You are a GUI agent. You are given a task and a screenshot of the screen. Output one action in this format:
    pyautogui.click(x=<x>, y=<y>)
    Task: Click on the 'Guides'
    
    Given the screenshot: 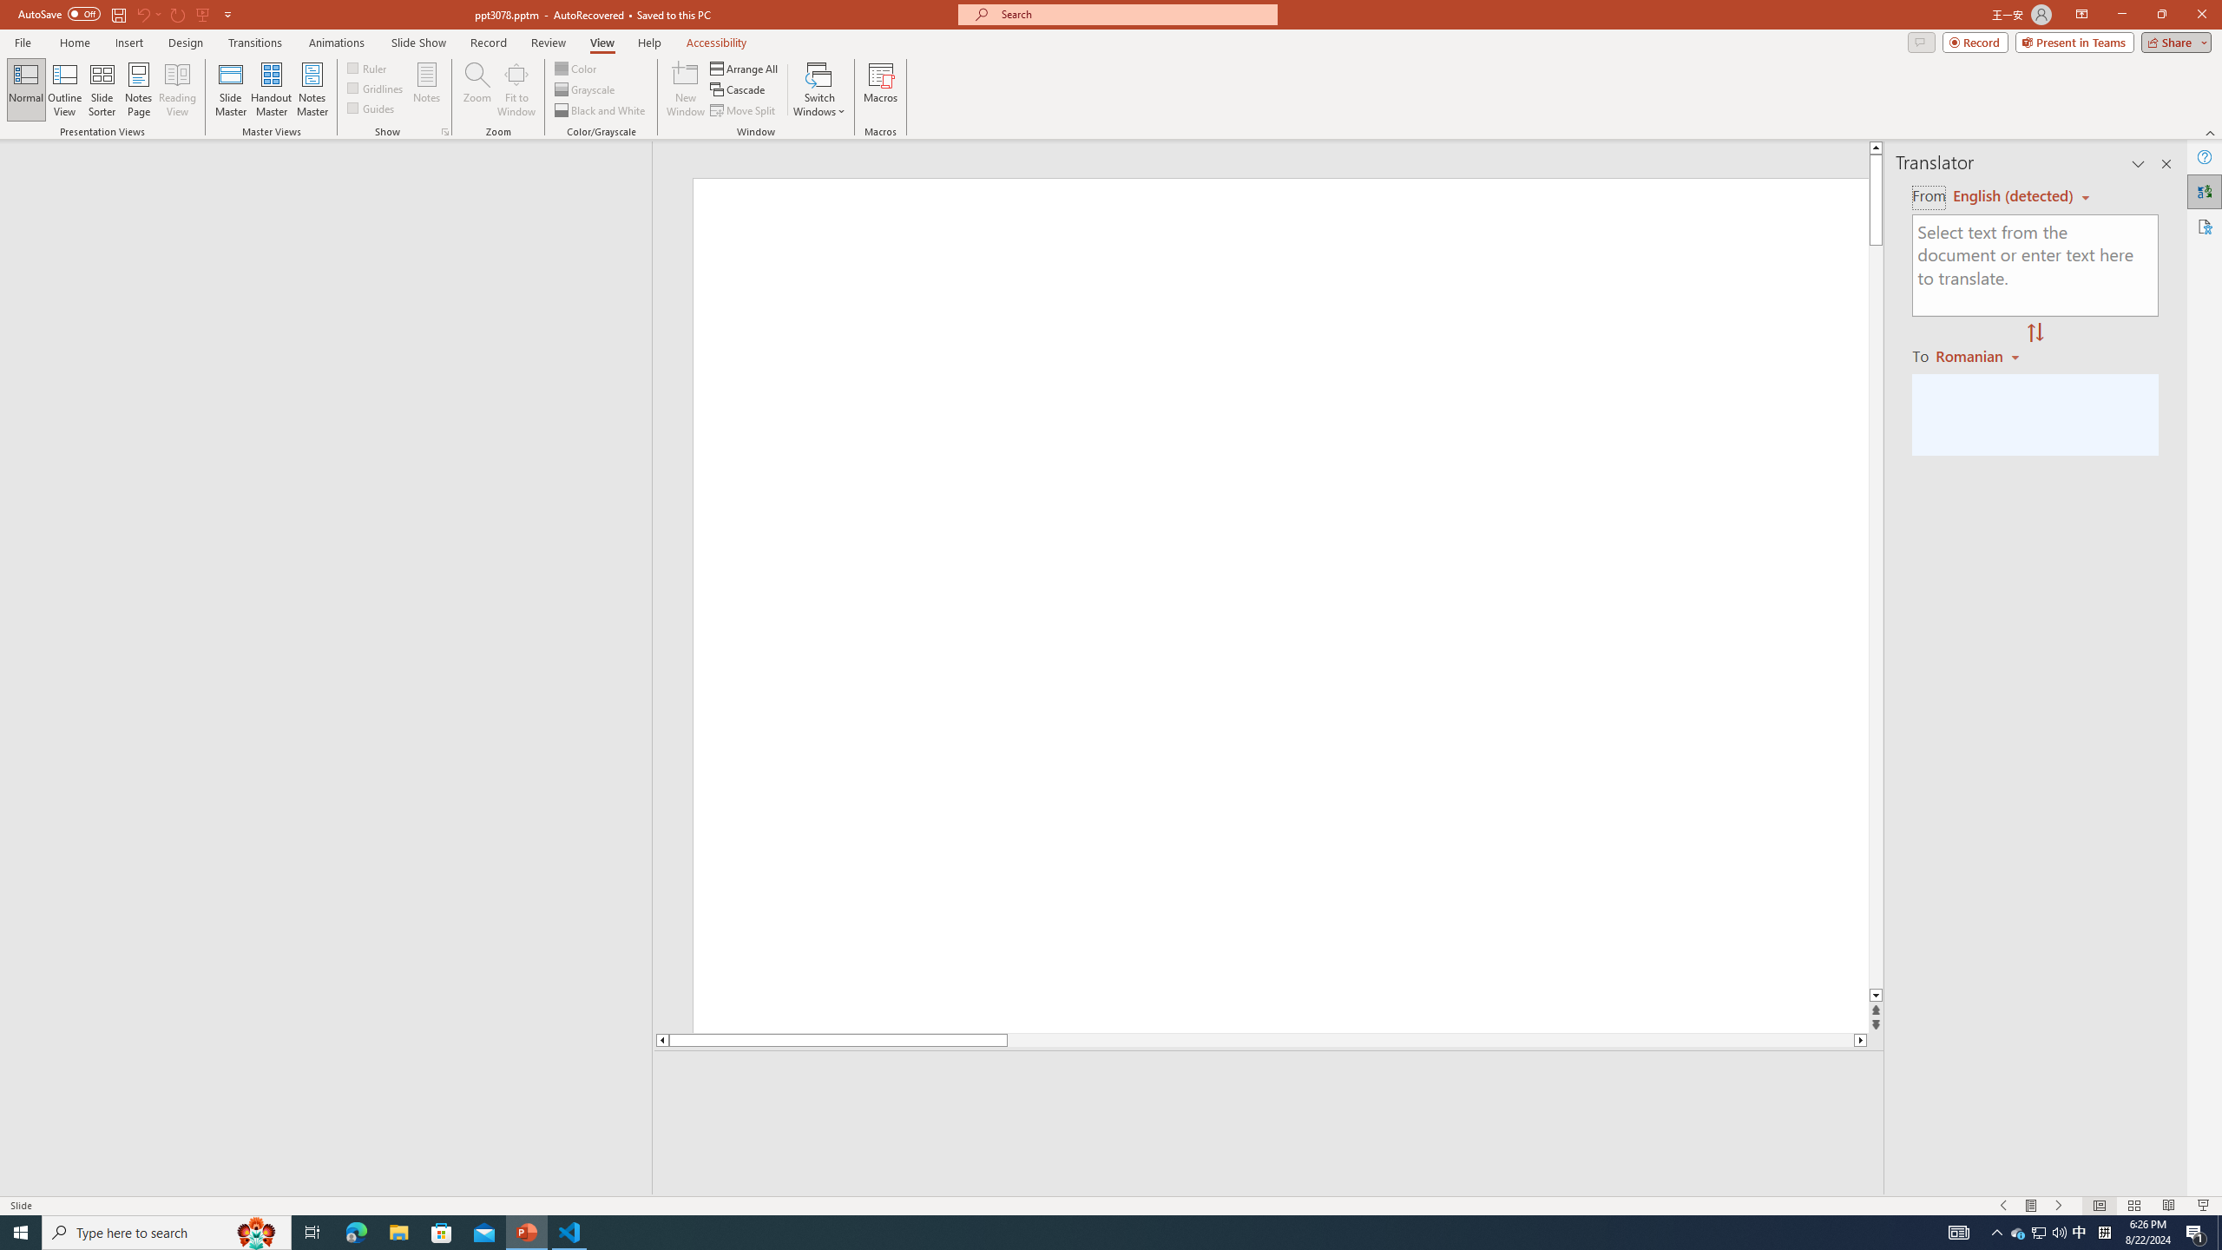 What is the action you would take?
    pyautogui.click(x=371, y=106)
    